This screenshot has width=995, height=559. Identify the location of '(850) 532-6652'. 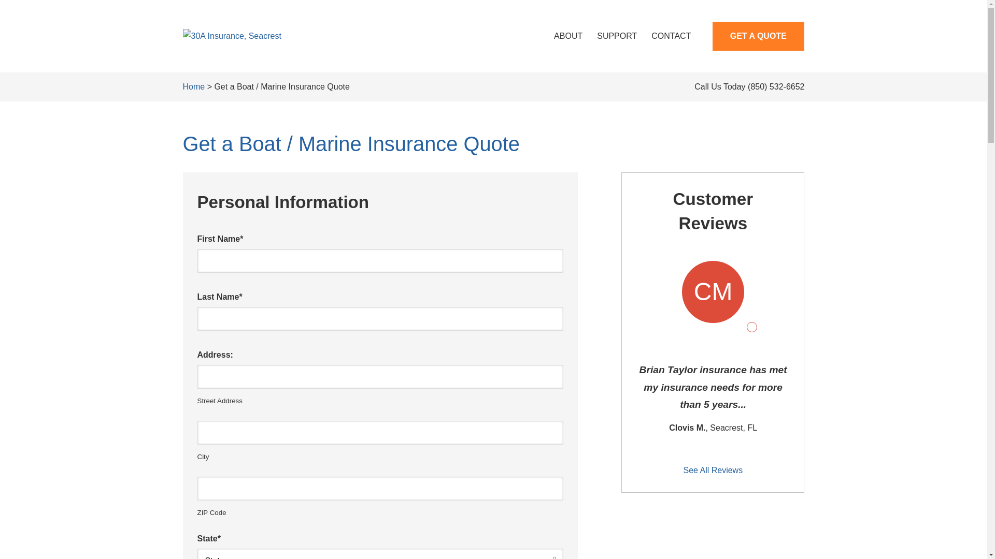
(776, 86).